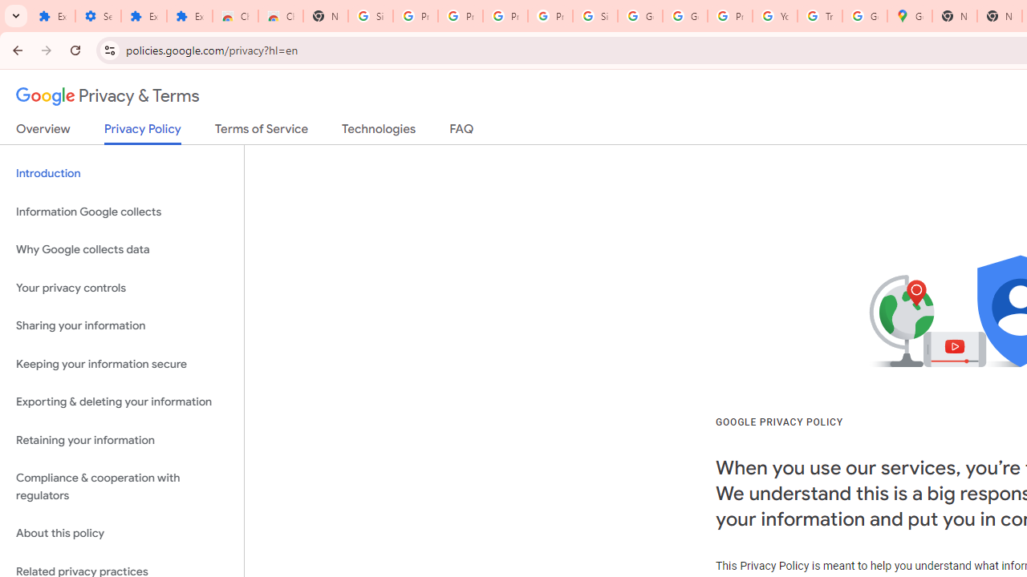 The image size is (1027, 577). Describe the element at coordinates (121, 534) in the screenshot. I see `'About this policy'` at that location.